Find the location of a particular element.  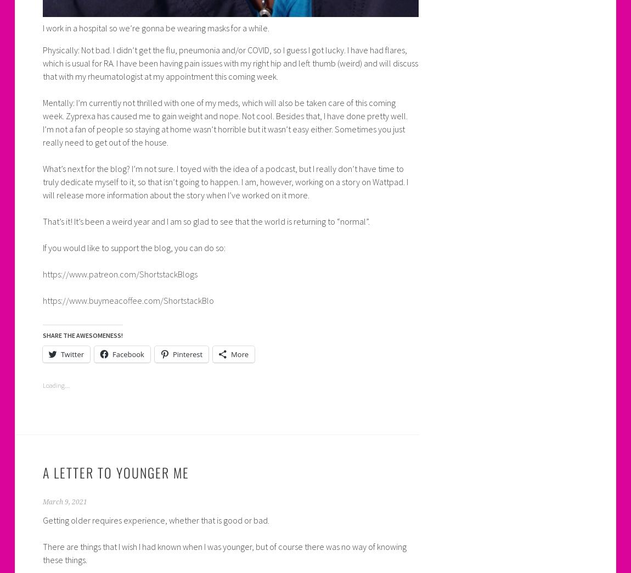

'Mentally: I’m currently not thrilled with one of my meds, which will also be taken care of this coming week. Zyprexa has caused me to gain weight and nope. Not cool. Besides that, I have done pretty well. I’m not a fan of people so staying at home wasn’t horrible but it wasn’t easy either. Sometimes you just really need to get out of the house.' is located at coordinates (42, 121).